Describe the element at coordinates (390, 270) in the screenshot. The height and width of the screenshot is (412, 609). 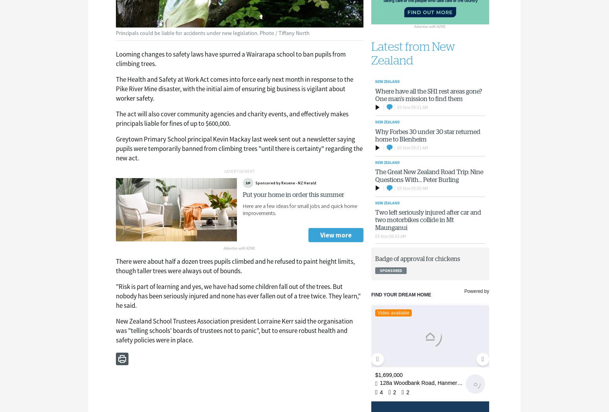
I see `'sponsored'` at that location.